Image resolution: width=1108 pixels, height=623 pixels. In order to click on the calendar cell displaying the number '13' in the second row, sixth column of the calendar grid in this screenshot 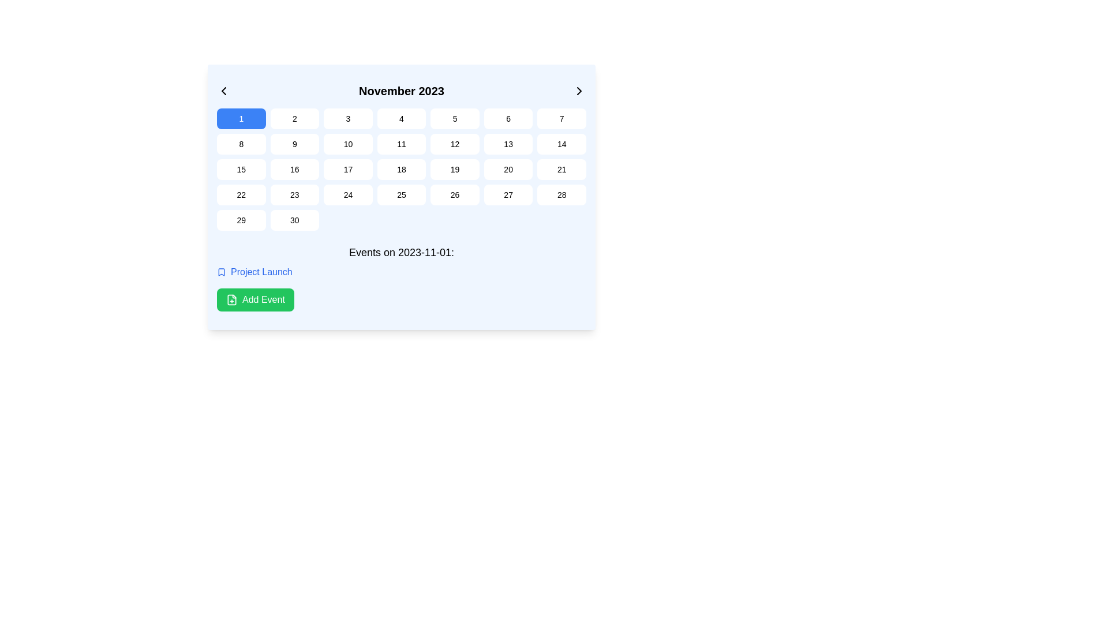, I will do `click(508, 144)`.